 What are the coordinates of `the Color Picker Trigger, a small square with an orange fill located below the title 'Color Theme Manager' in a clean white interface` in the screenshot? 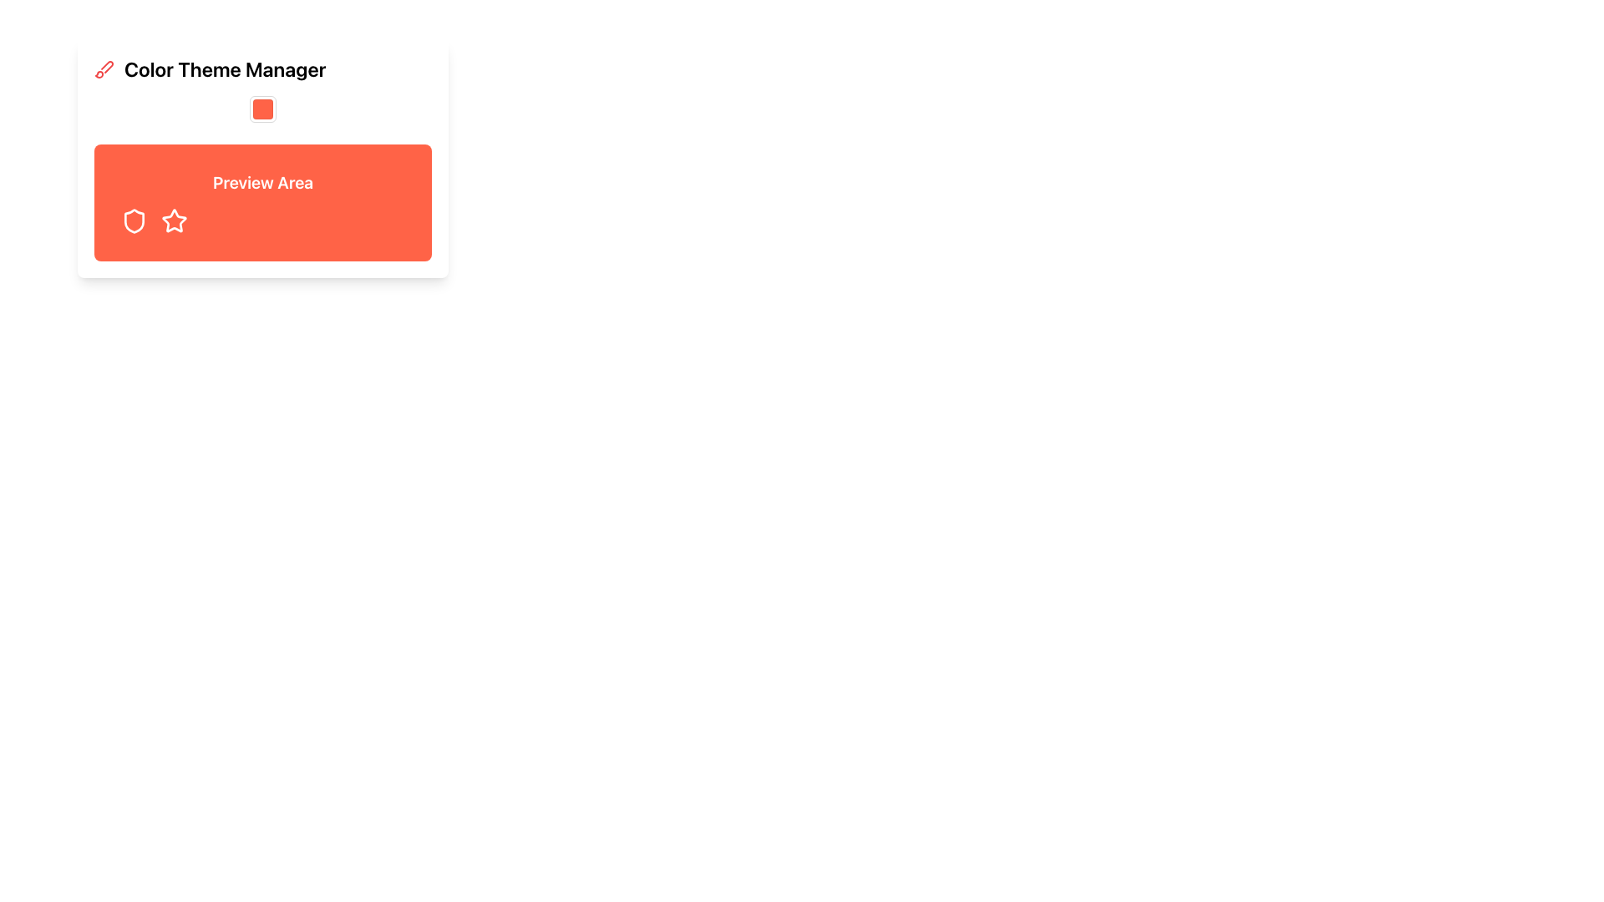 It's located at (262, 109).